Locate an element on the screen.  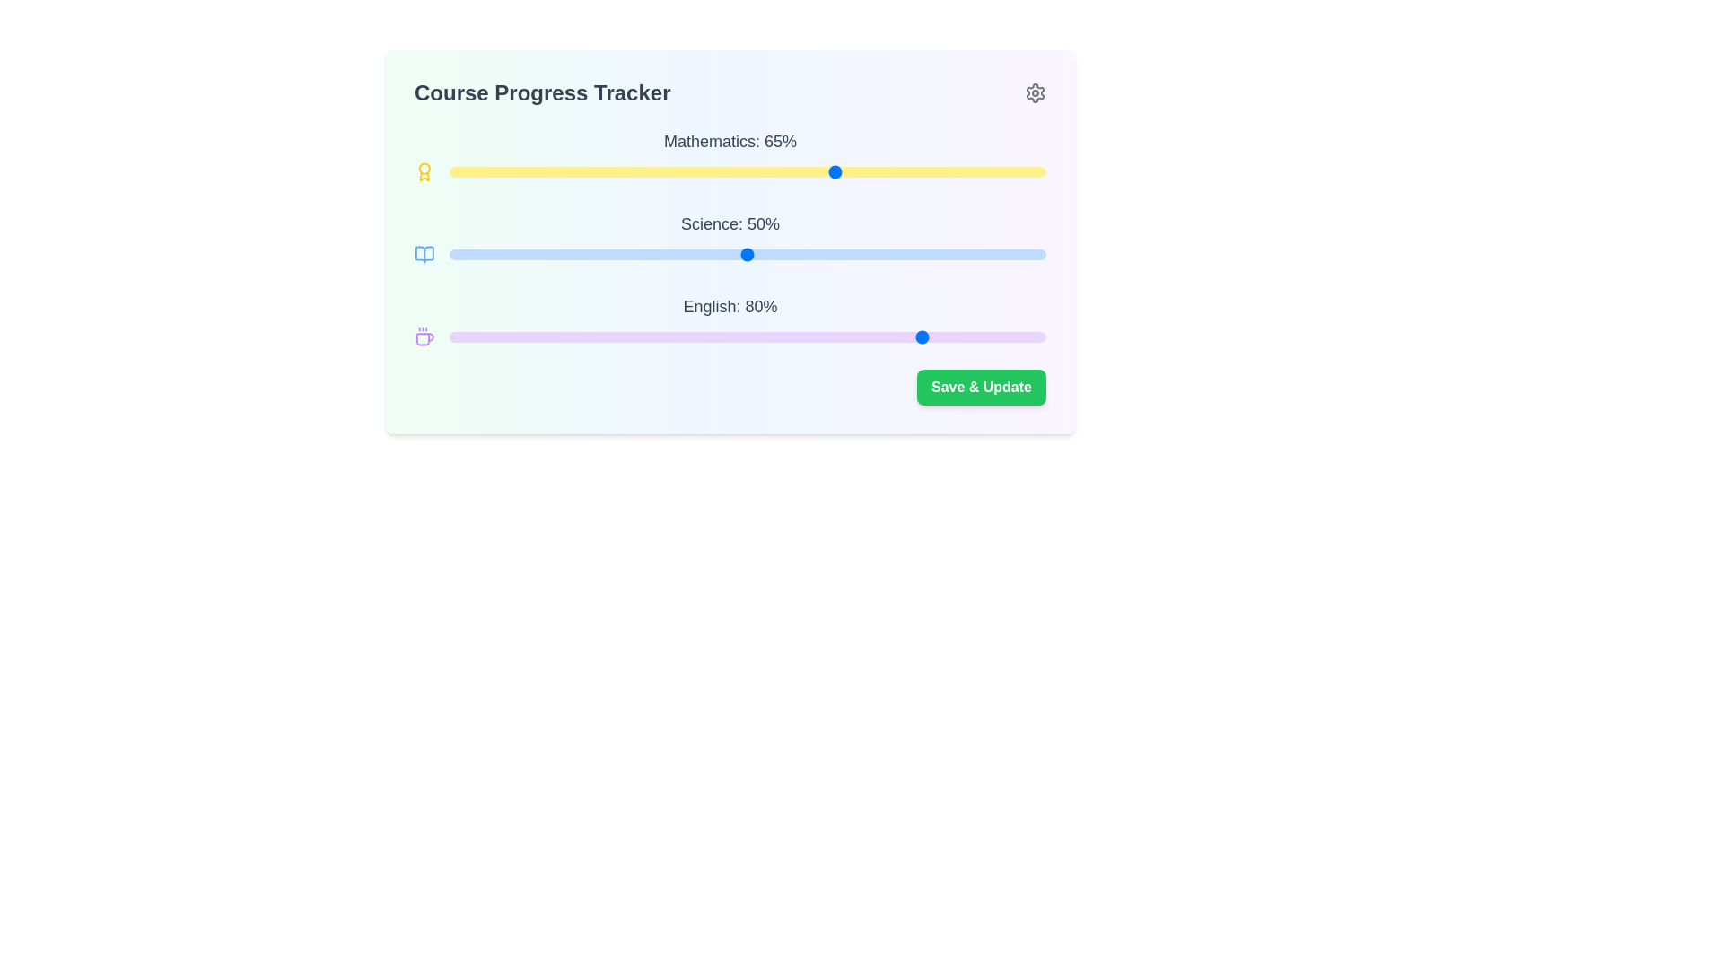
the mathematics progress slider is located at coordinates (754, 172).